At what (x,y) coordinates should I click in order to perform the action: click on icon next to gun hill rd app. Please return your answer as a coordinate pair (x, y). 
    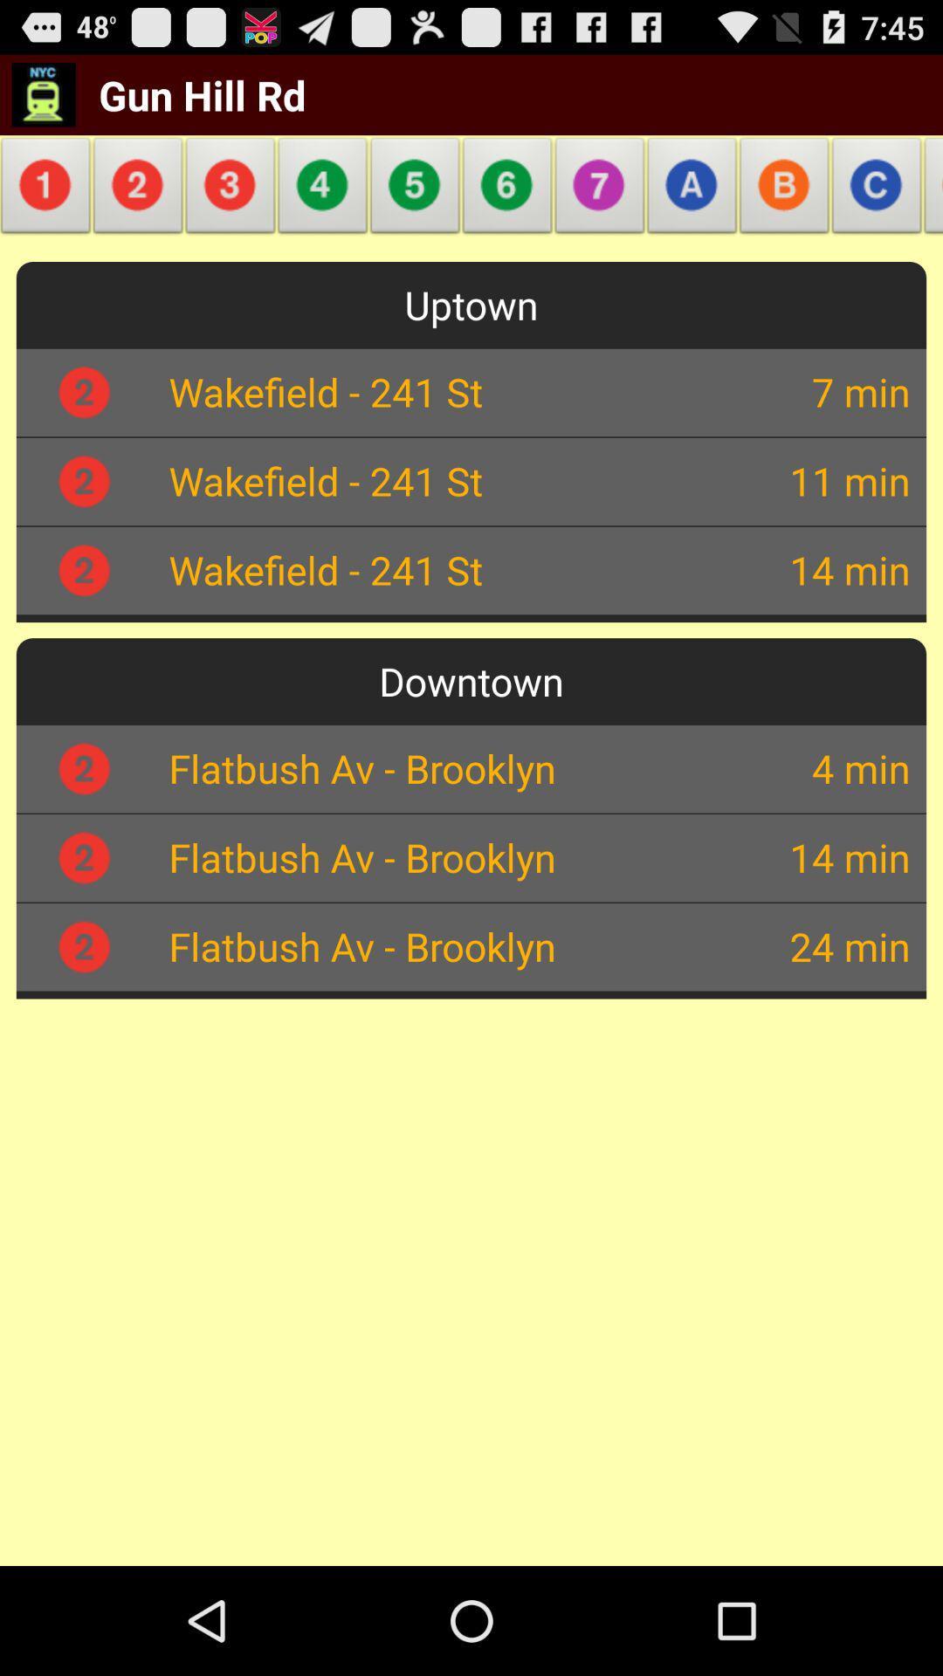
    Looking at the image, I should click on (415, 190).